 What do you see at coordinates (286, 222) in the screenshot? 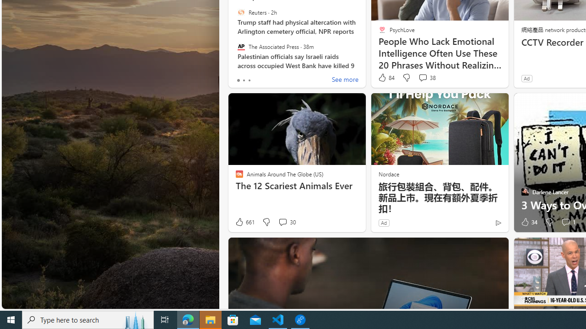
I see `'View comments 30 Comment'` at bounding box center [286, 222].